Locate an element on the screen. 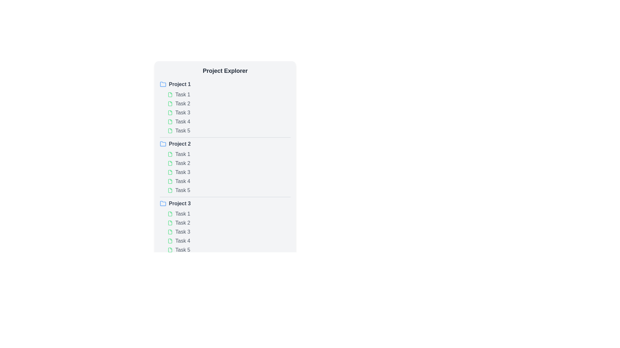  the document icon associated with 'Task 3' is located at coordinates (170, 232).